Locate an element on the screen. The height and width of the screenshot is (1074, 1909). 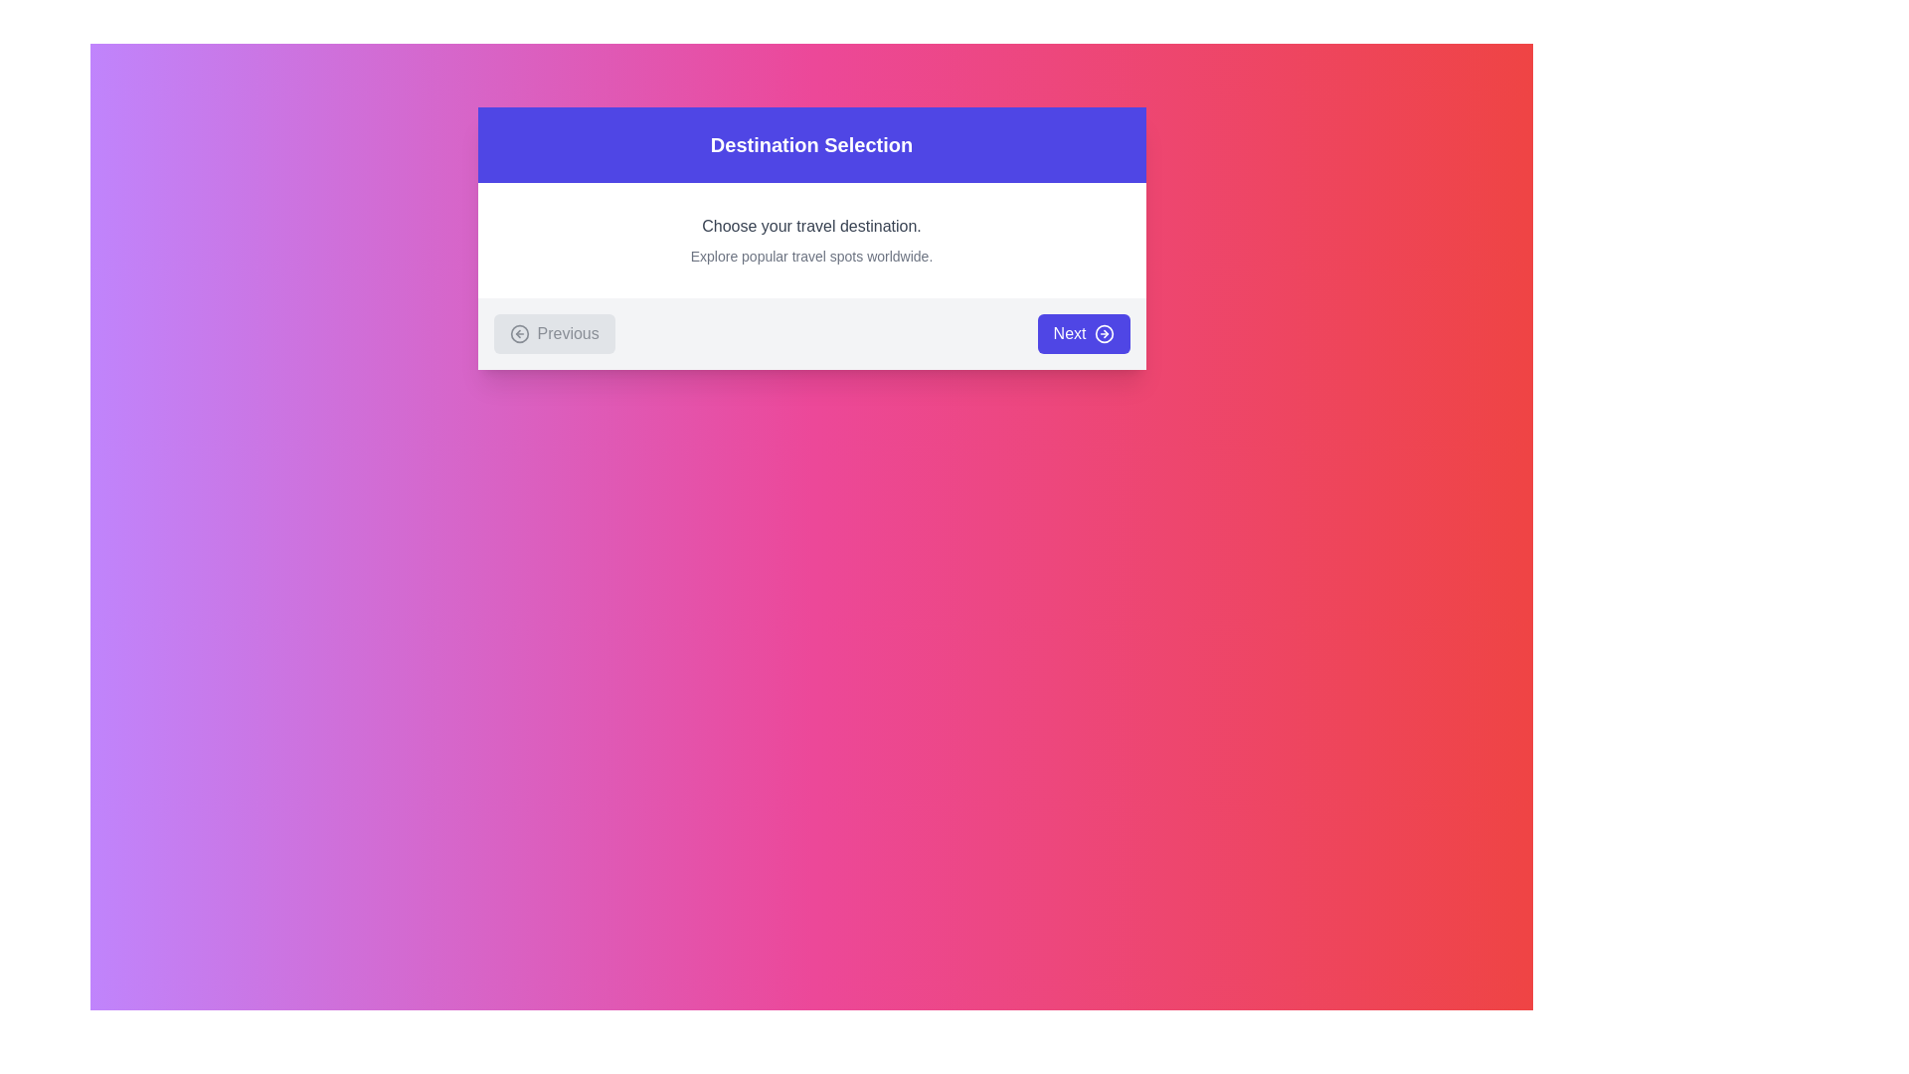
the appearance of the circular 'Previous' icon located at the bottom-left corner of the central modal dialog, which visually indicates a 'Previous' action is located at coordinates (519, 332).